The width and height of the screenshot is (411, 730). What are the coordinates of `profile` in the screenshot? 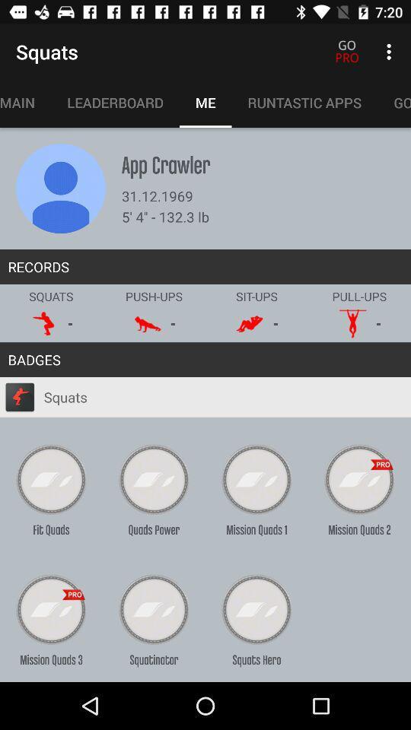 It's located at (60, 188).